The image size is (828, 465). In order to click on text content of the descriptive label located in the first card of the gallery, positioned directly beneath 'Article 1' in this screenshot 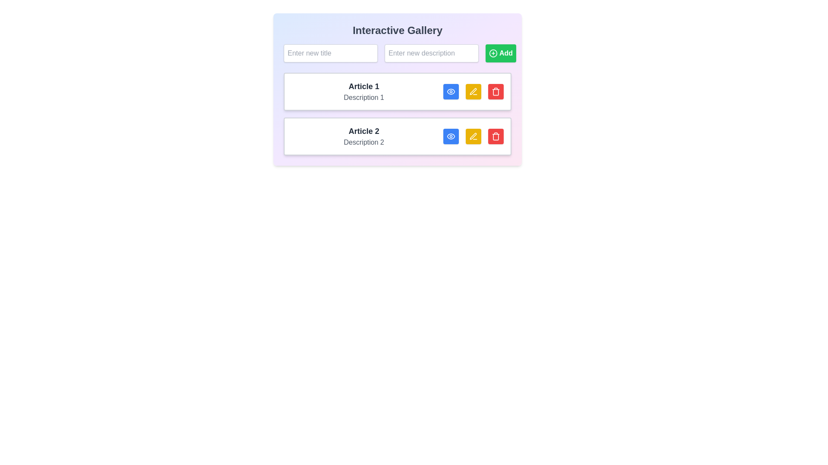, I will do `click(364, 97)`.